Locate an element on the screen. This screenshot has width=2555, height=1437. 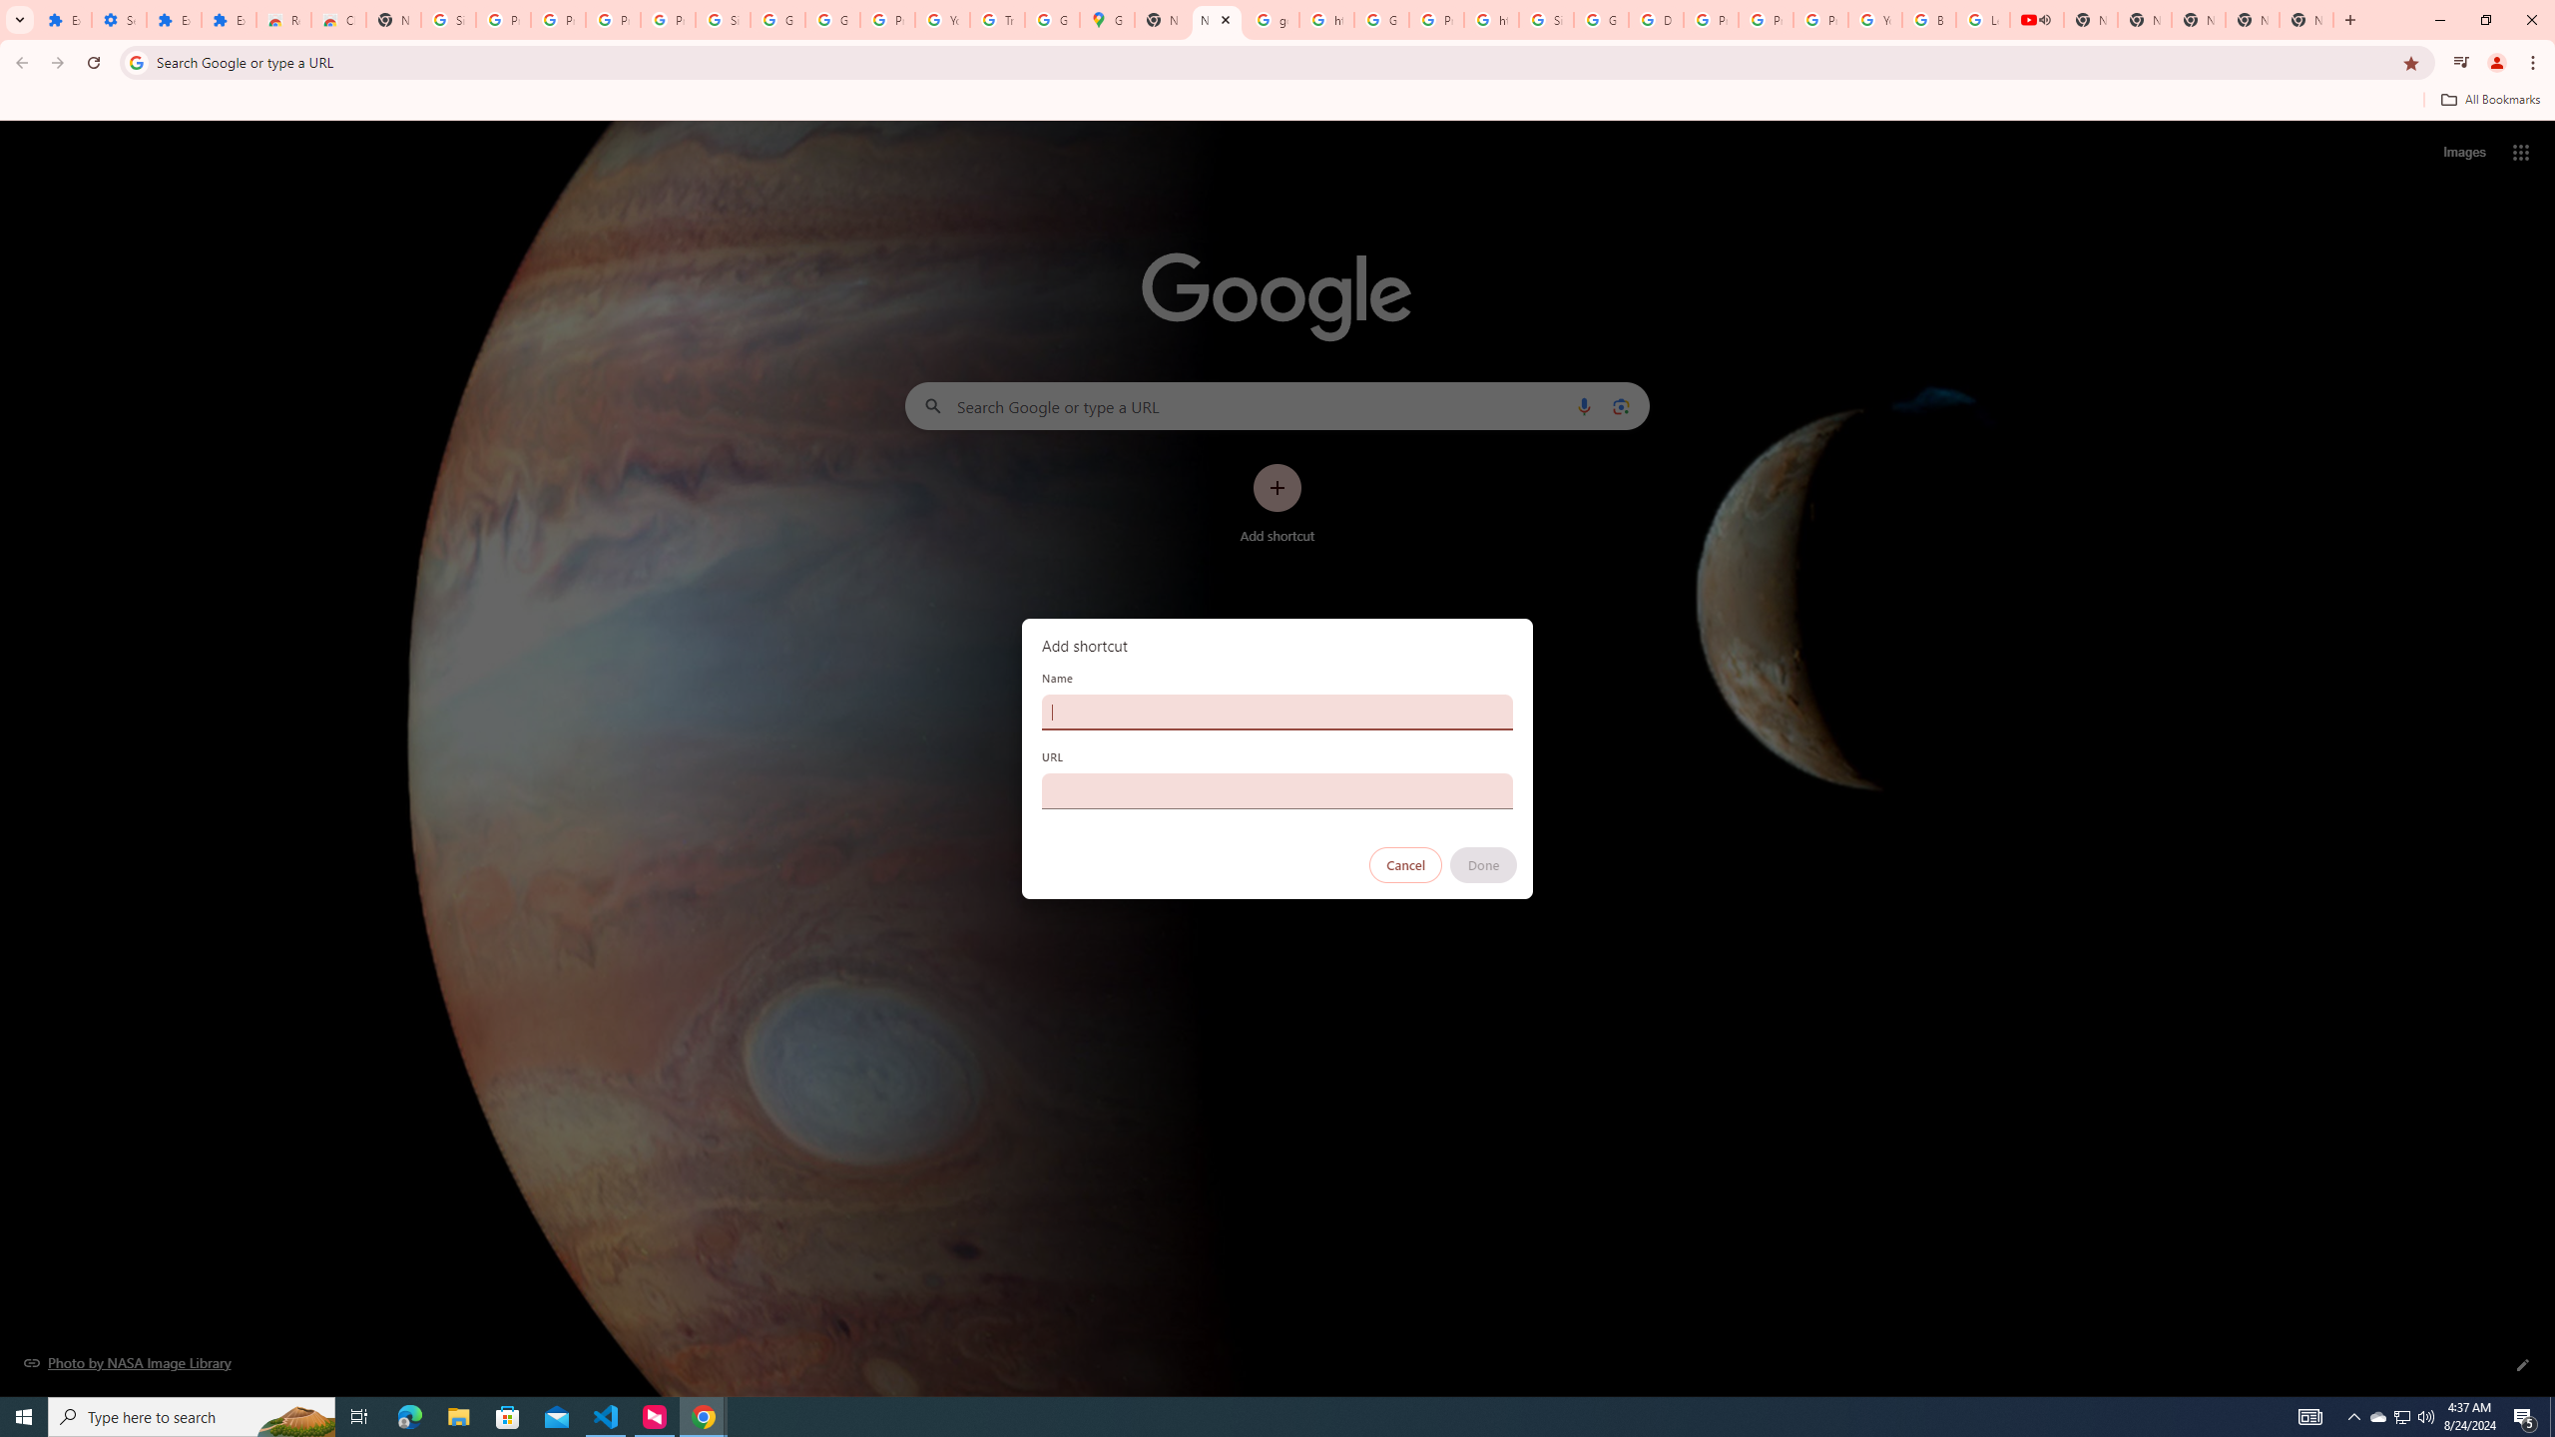
'https://scholar.google.com/' is located at coordinates (1492, 19).